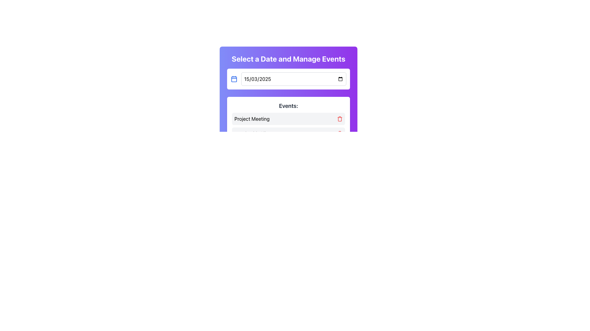 Image resolution: width=590 pixels, height=331 pixels. What do you see at coordinates (339, 119) in the screenshot?
I see `the middle segment of the trash can icon within the event list entry` at bounding box center [339, 119].